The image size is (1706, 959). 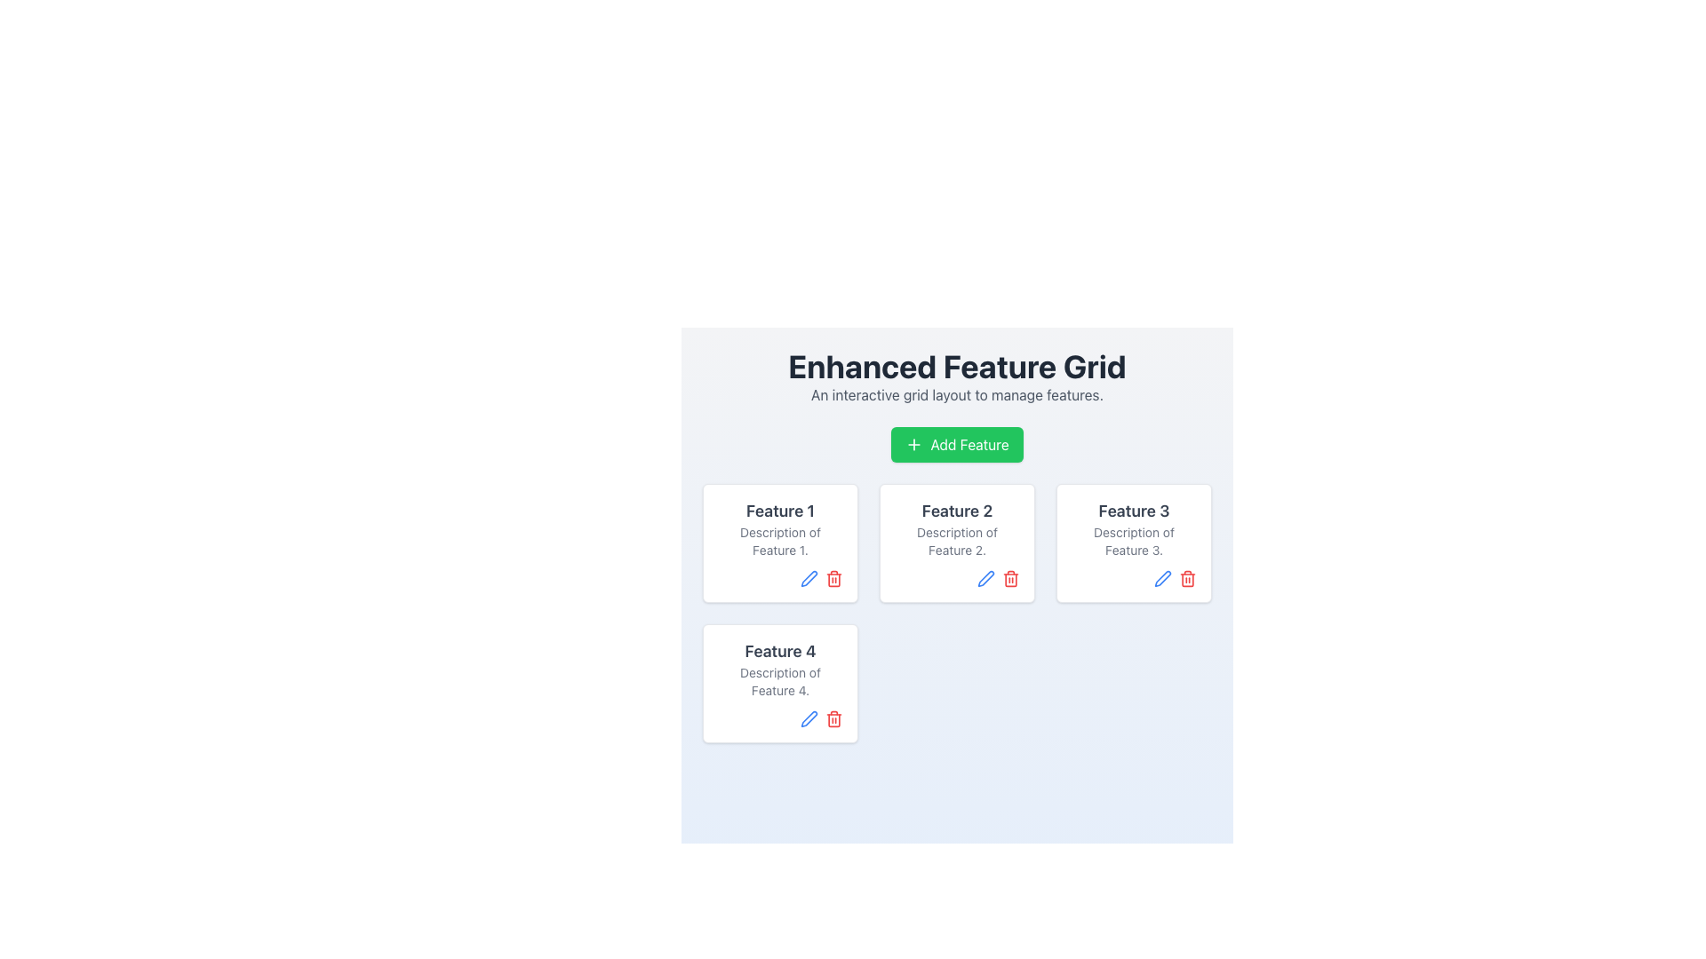 I want to click on the text block displaying 'Description of Feature 2.' which is styled with a smaller font size and grayish color, located beneath the title 'Feature 2' in a bordered grid layout, so click(x=956, y=540).